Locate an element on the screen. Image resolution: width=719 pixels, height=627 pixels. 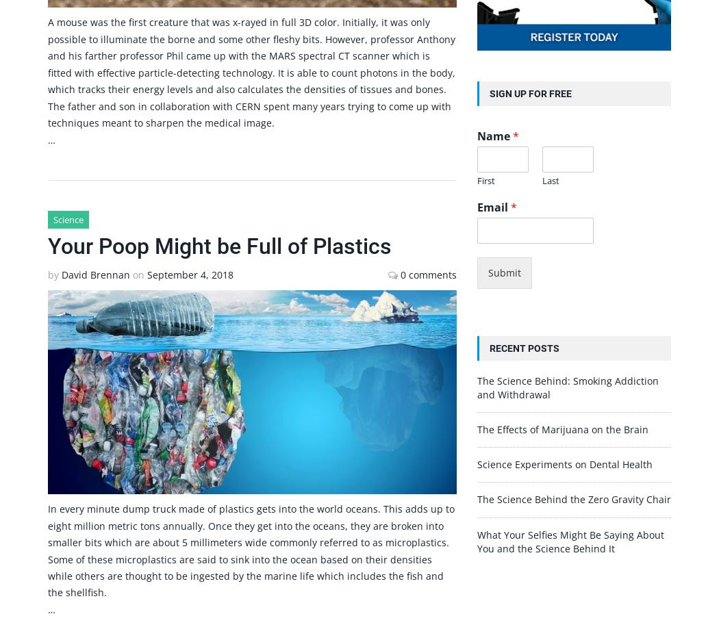
'The Science Behind: Smoking Addiction and Withdrawal' is located at coordinates (567, 386).